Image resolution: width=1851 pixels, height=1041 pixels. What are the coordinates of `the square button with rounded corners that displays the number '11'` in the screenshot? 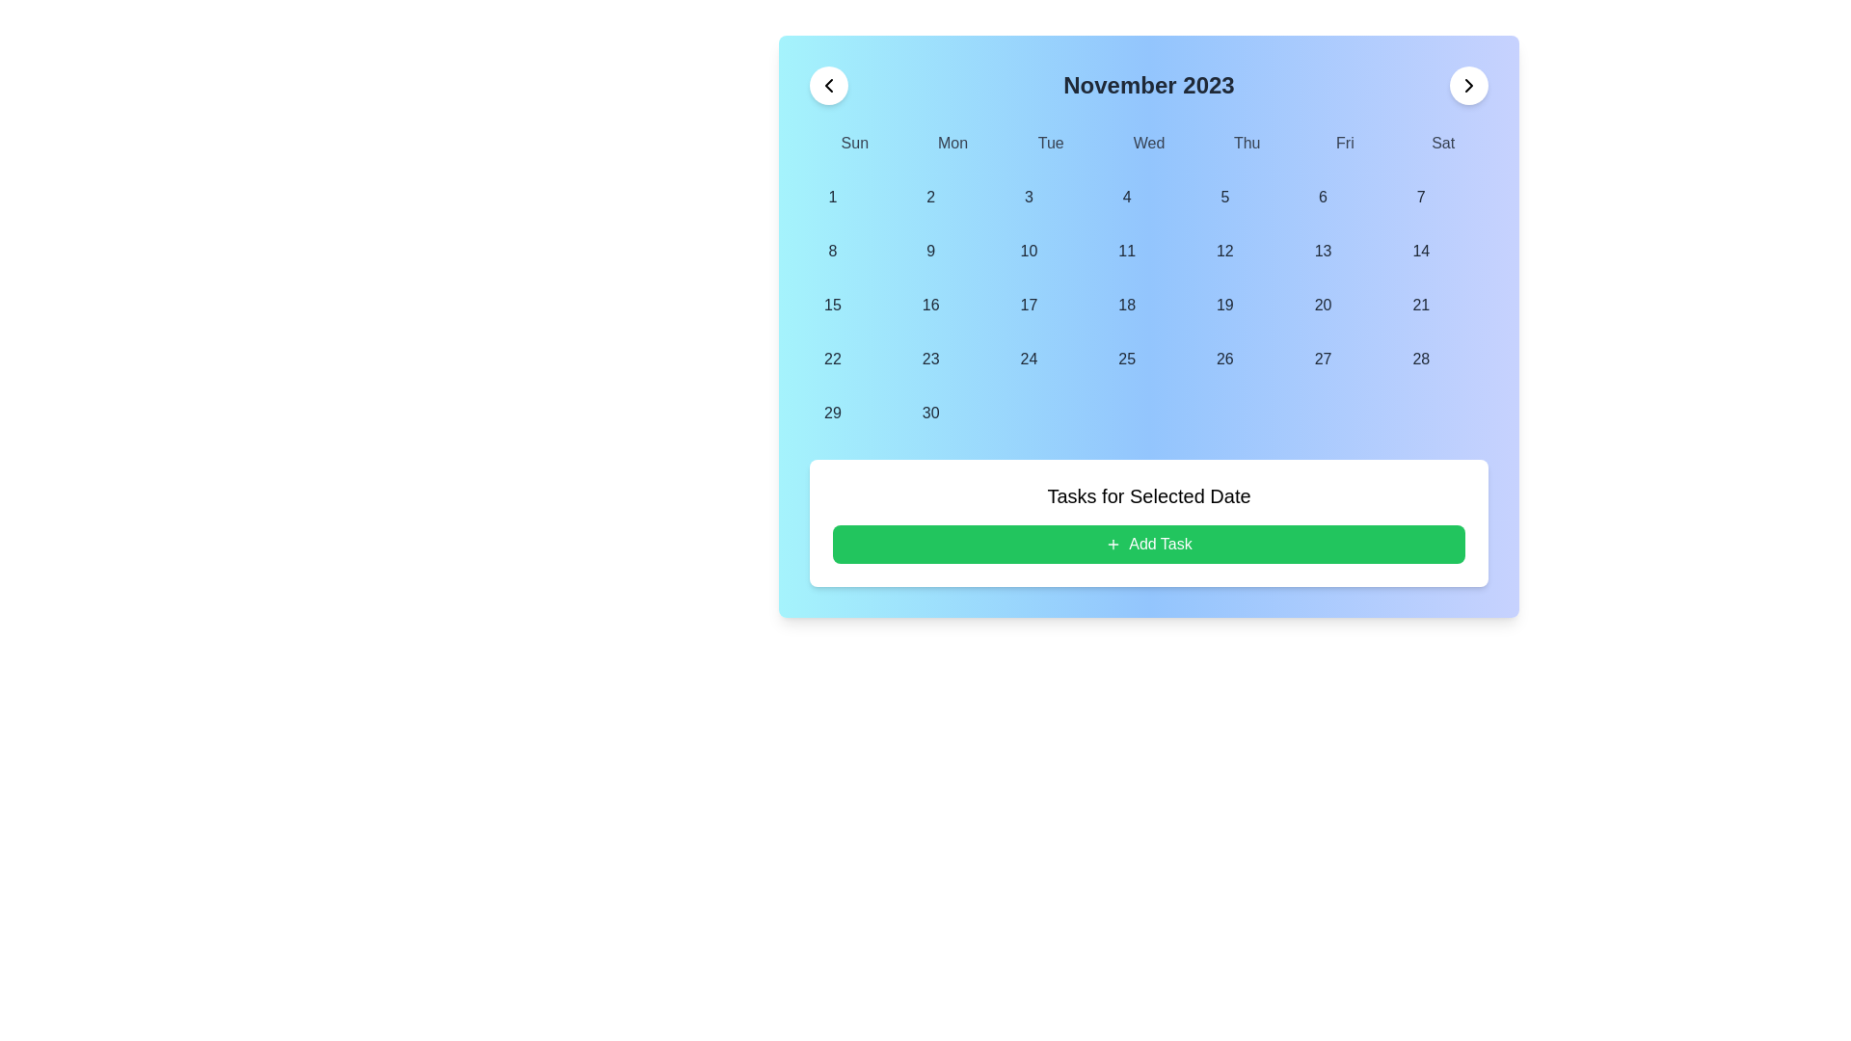 It's located at (1127, 251).